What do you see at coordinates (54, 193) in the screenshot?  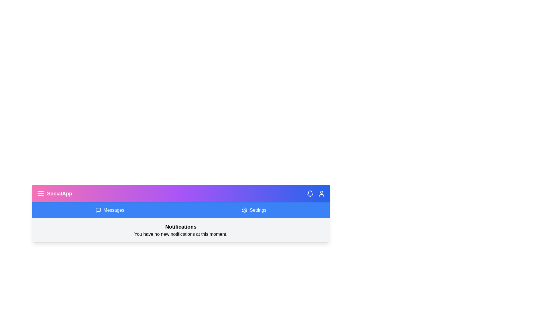 I see `the SocialApp title to interact with it` at bounding box center [54, 193].